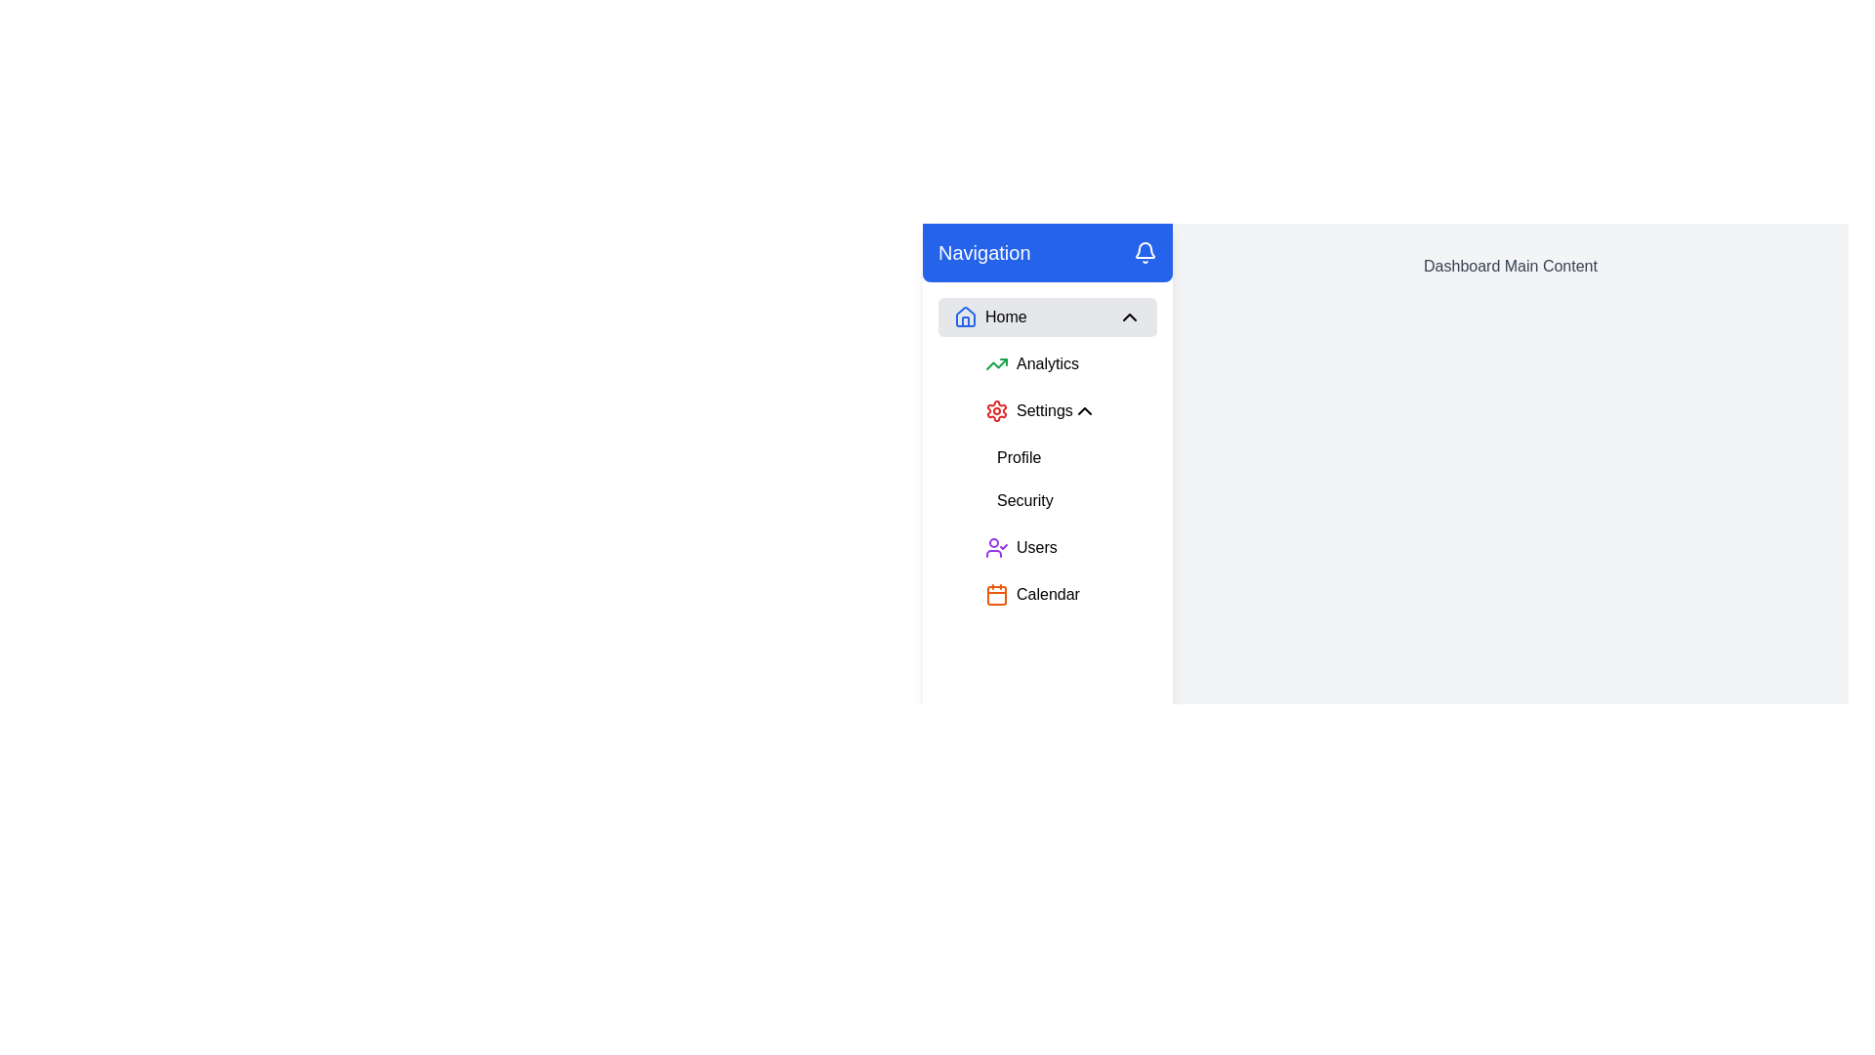 This screenshot has width=1875, height=1055. What do you see at coordinates (1145, 251) in the screenshot?
I see `the notification icon button located on the far right side of the blue header bar` at bounding box center [1145, 251].